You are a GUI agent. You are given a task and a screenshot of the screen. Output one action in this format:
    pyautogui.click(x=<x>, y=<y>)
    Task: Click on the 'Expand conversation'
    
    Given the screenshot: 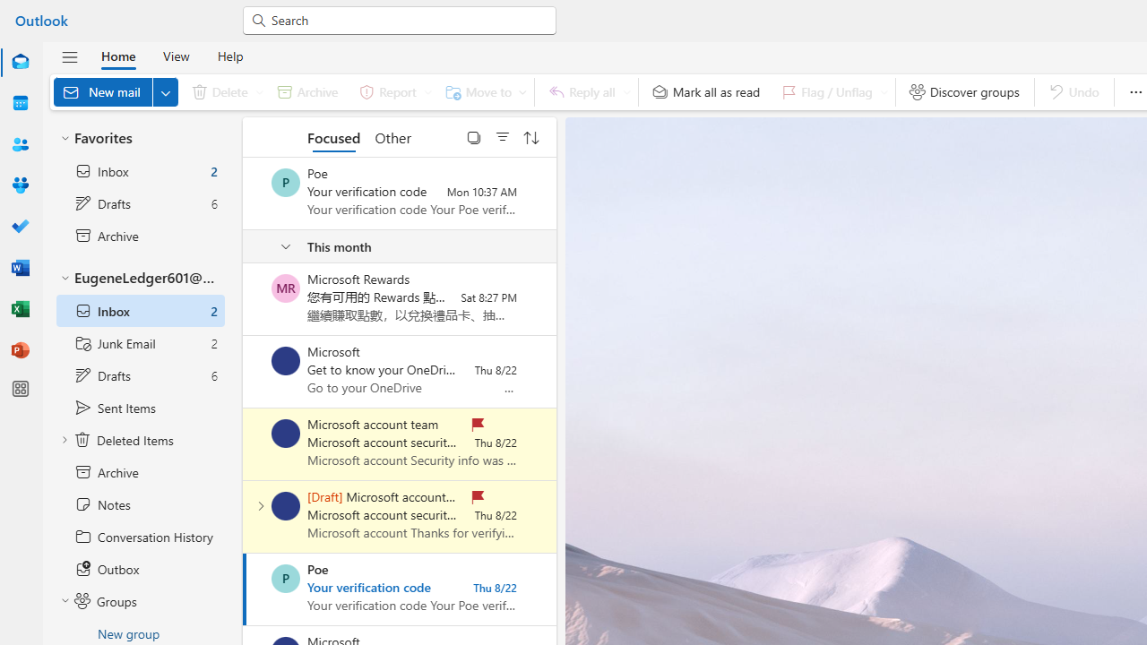 What is the action you would take?
    pyautogui.click(x=260, y=505)
    